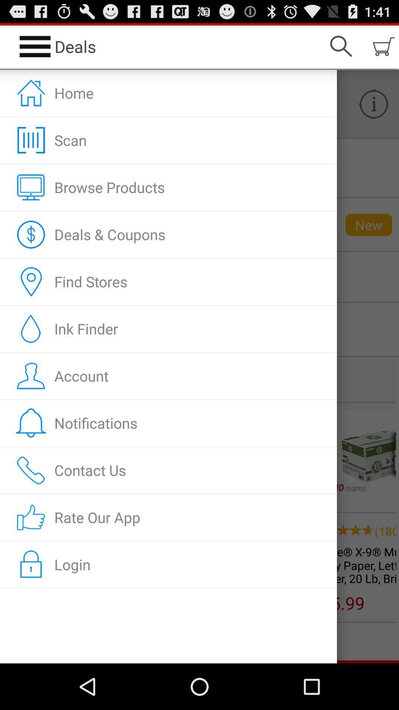  What do you see at coordinates (35, 46) in the screenshot?
I see `the icon which is left to the text deals` at bounding box center [35, 46].